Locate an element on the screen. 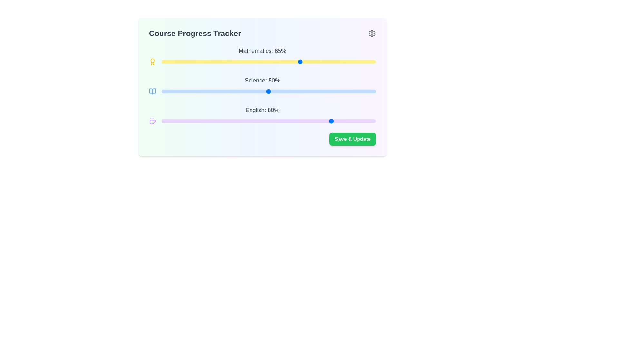 The width and height of the screenshot is (619, 348). the text label displaying 'English: 80%' which is prominently styled in gray color and is positioned centrally above its corresponding progress bar is located at coordinates (262, 110).